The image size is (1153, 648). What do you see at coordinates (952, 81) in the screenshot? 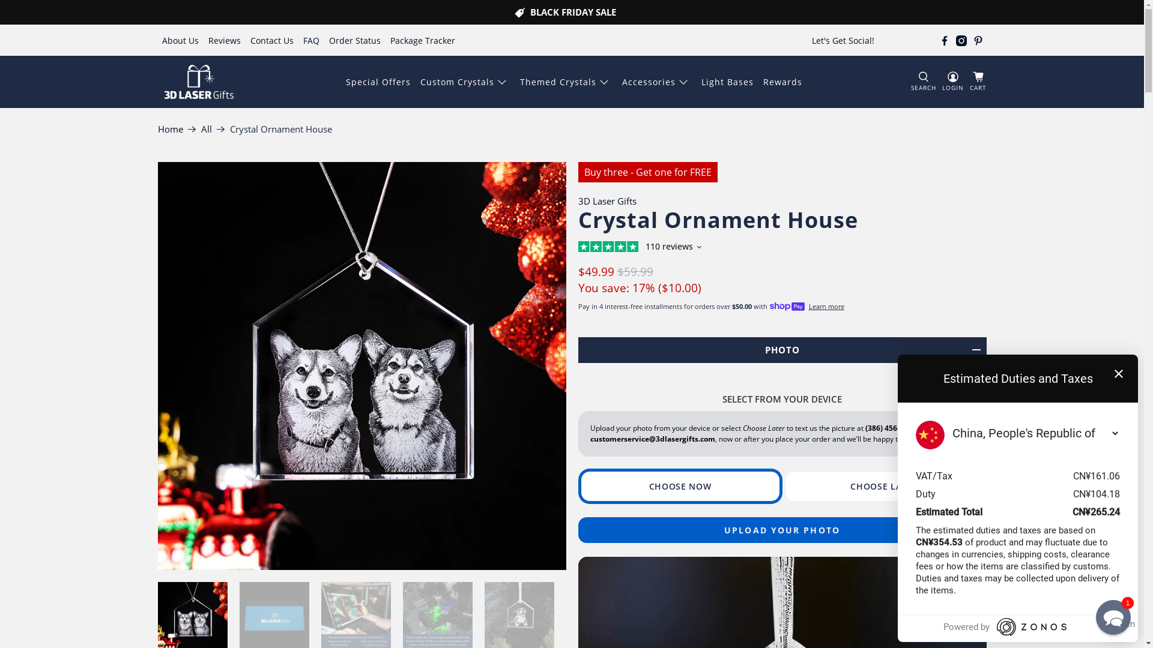
I see `'LOGIN'` at bounding box center [952, 81].